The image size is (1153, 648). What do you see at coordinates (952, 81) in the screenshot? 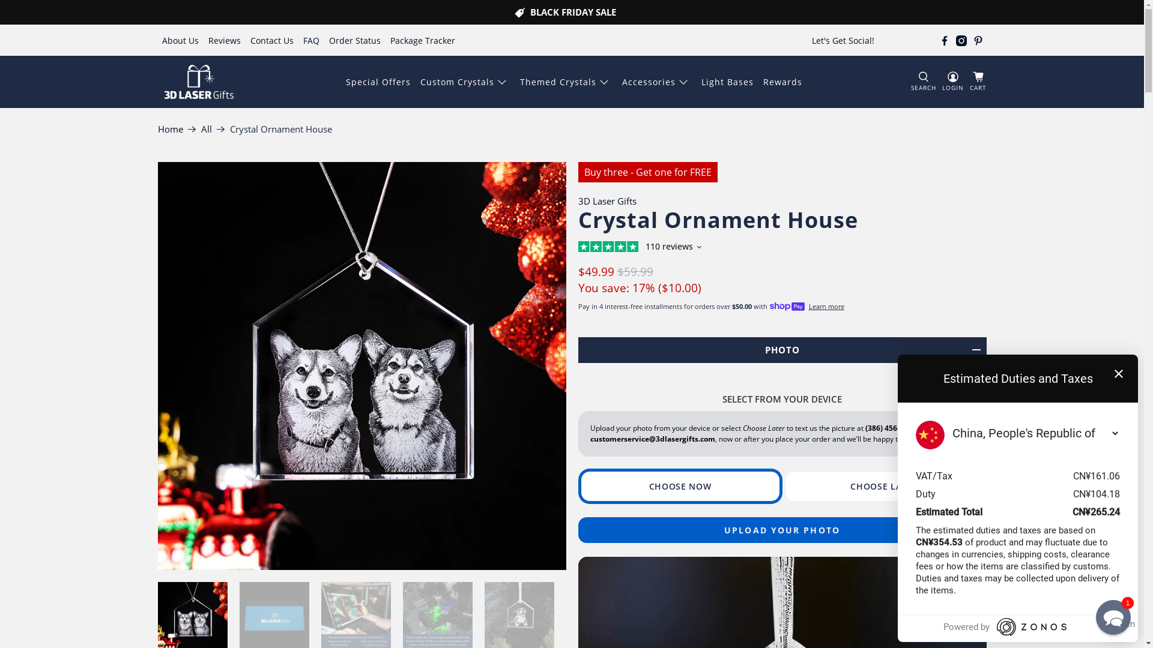
I see `'LOGIN'` at bounding box center [952, 81].